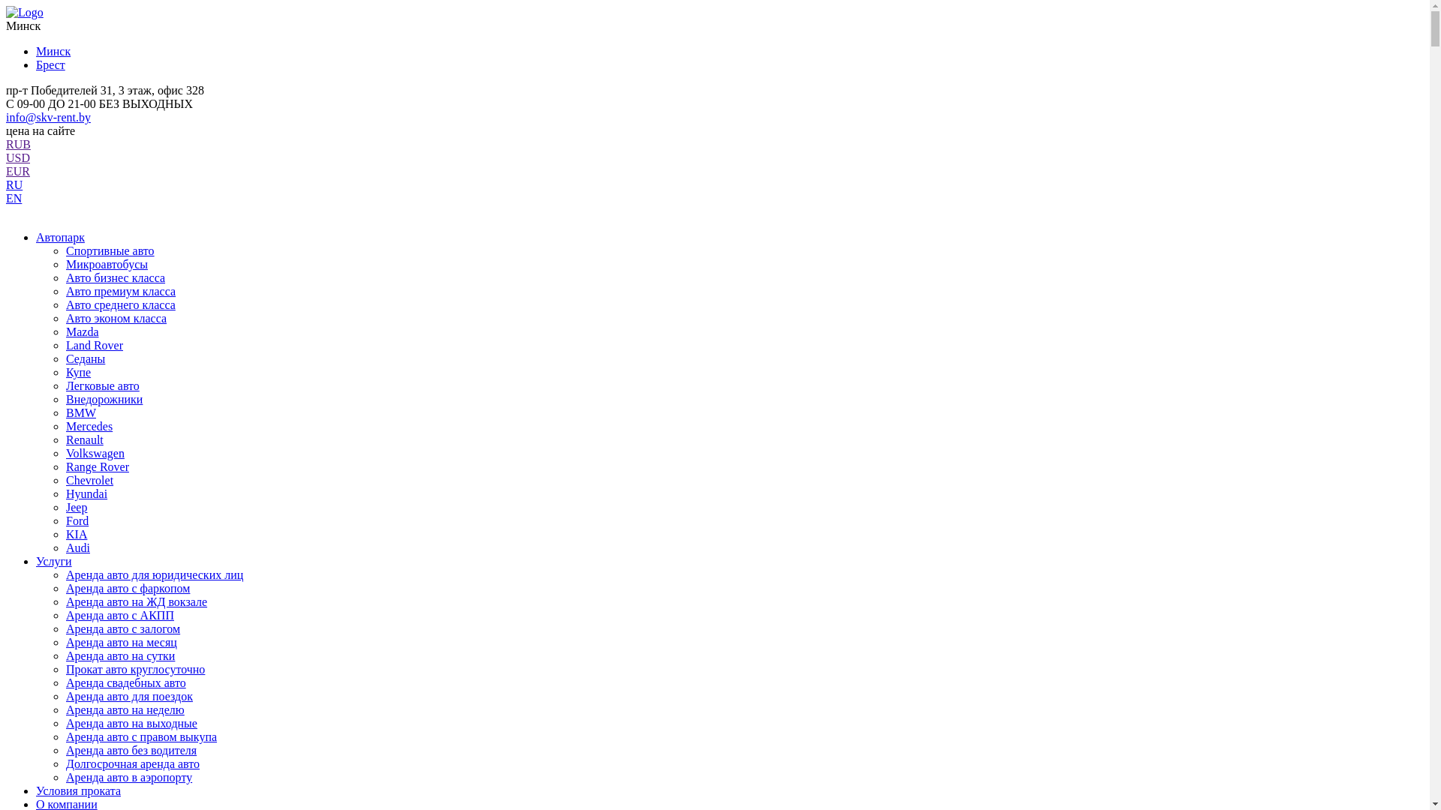 This screenshot has width=1441, height=810. I want to click on 'RU', so click(14, 184).